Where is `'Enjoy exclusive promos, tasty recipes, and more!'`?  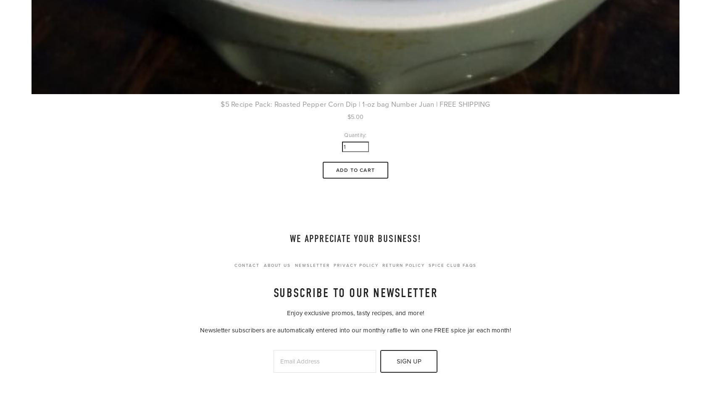 'Enjoy exclusive promos, tasty recipes, and more!' is located at coordinates (355, 313).